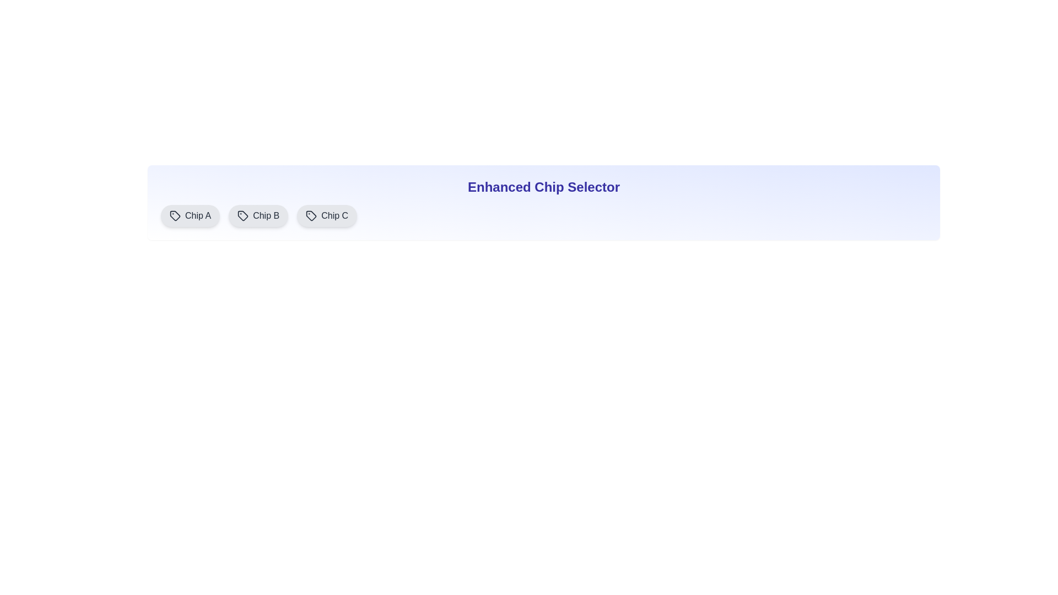 Image resolution: width=1058 pixels, height=595 pixels. Describe the element at coordinates (258, 216) in the screenshot. I see `the chip labeled Chip B to display its description` at that location.